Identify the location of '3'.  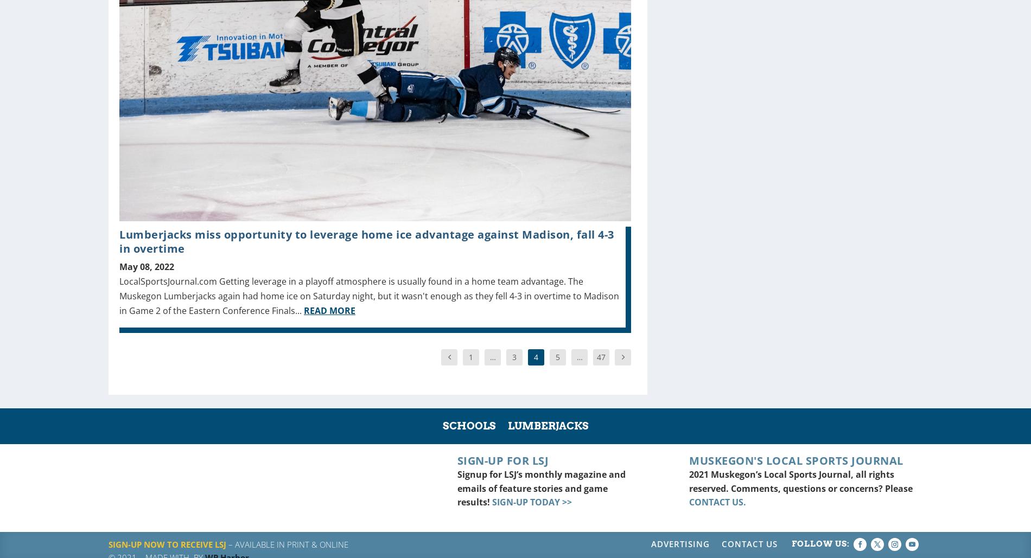
(513, 357).